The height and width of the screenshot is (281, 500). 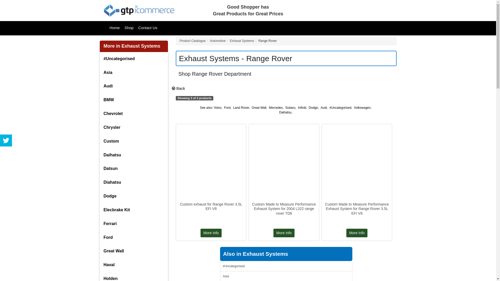 I want to click on 'BMW', so click(x=99, y=100).